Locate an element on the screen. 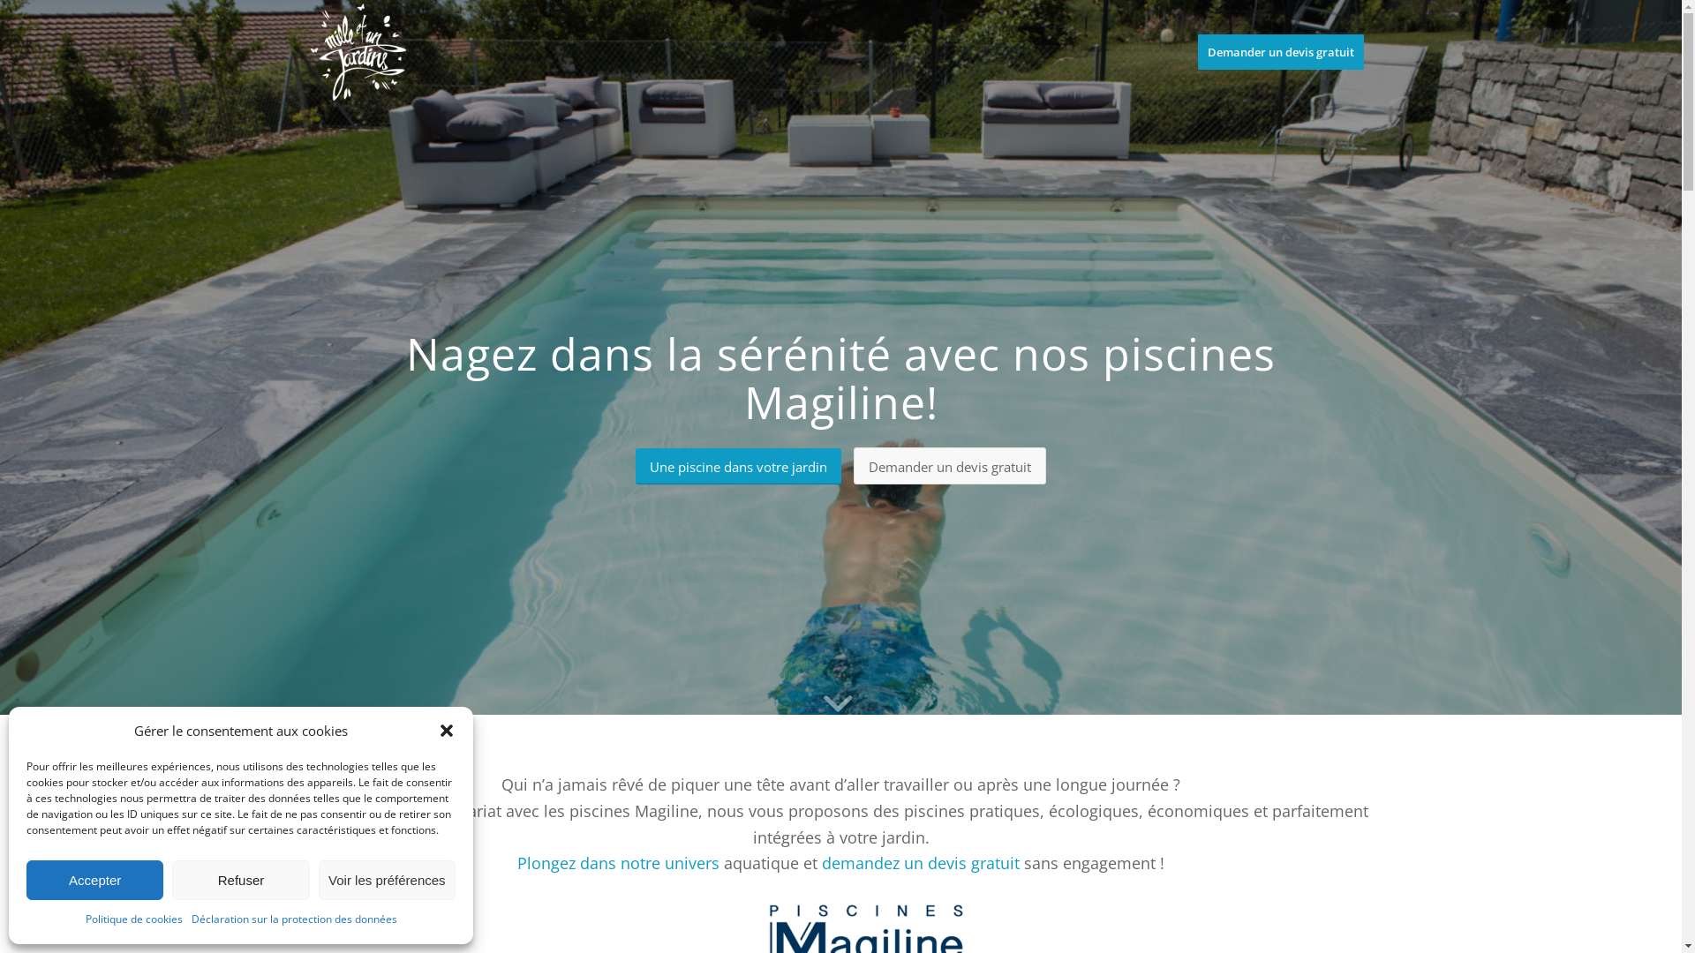 The height and width of the screenshot is (953, 1695). 'Accepter' is located at coordinates (26, 880).